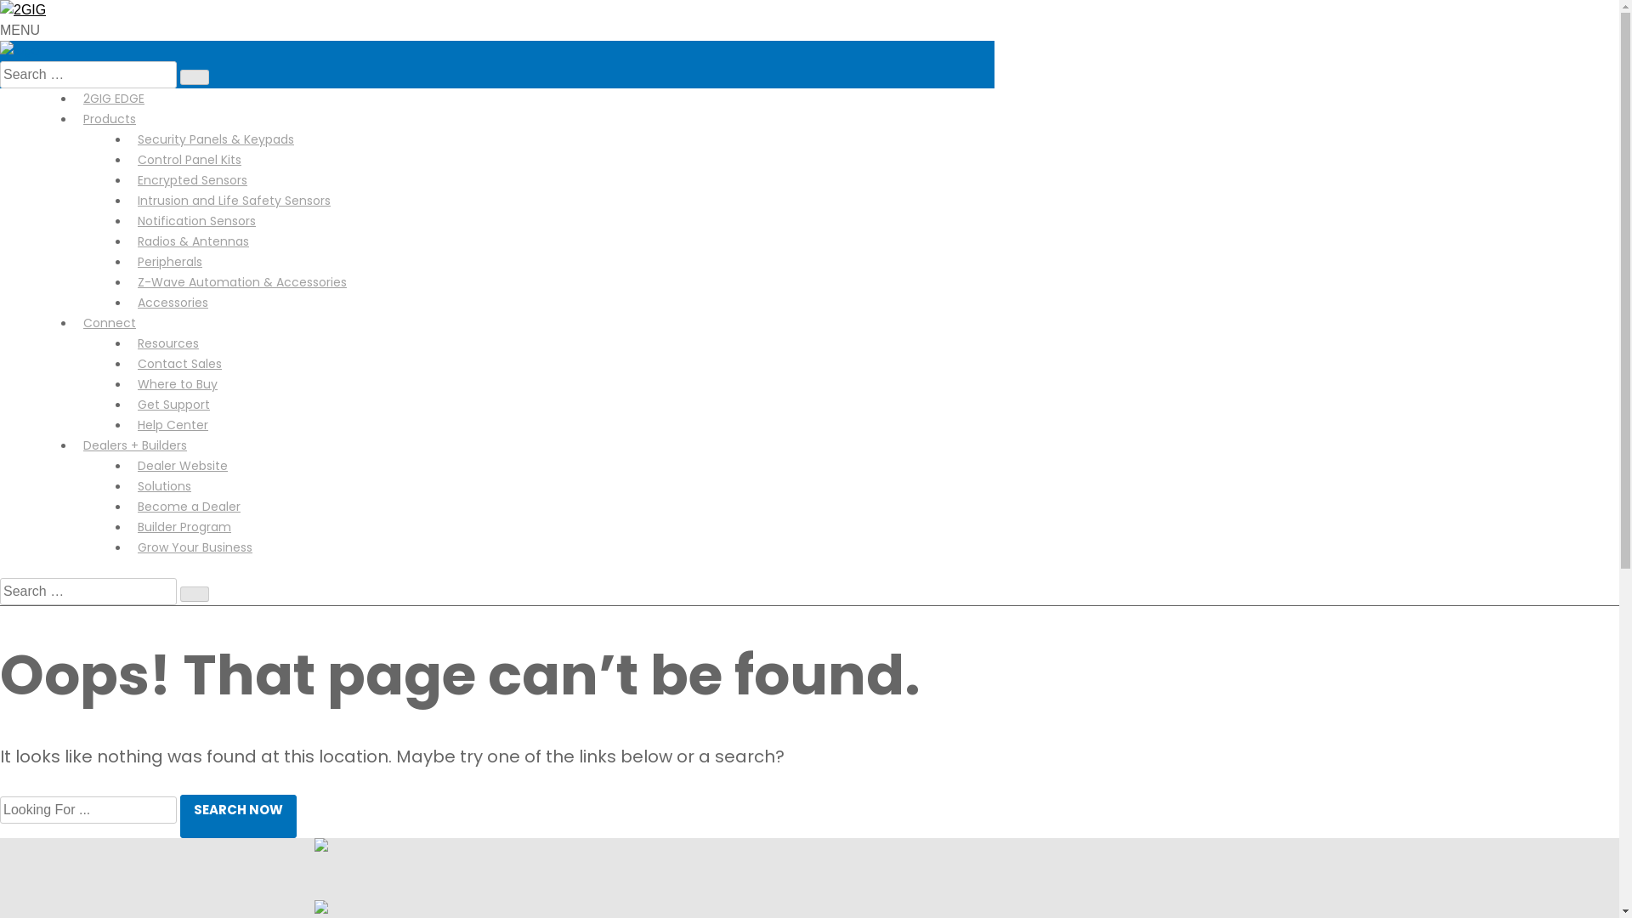 This screenshot has width=1632, height=918. I want to click on 'Become a Dealer', so click(128, 506).